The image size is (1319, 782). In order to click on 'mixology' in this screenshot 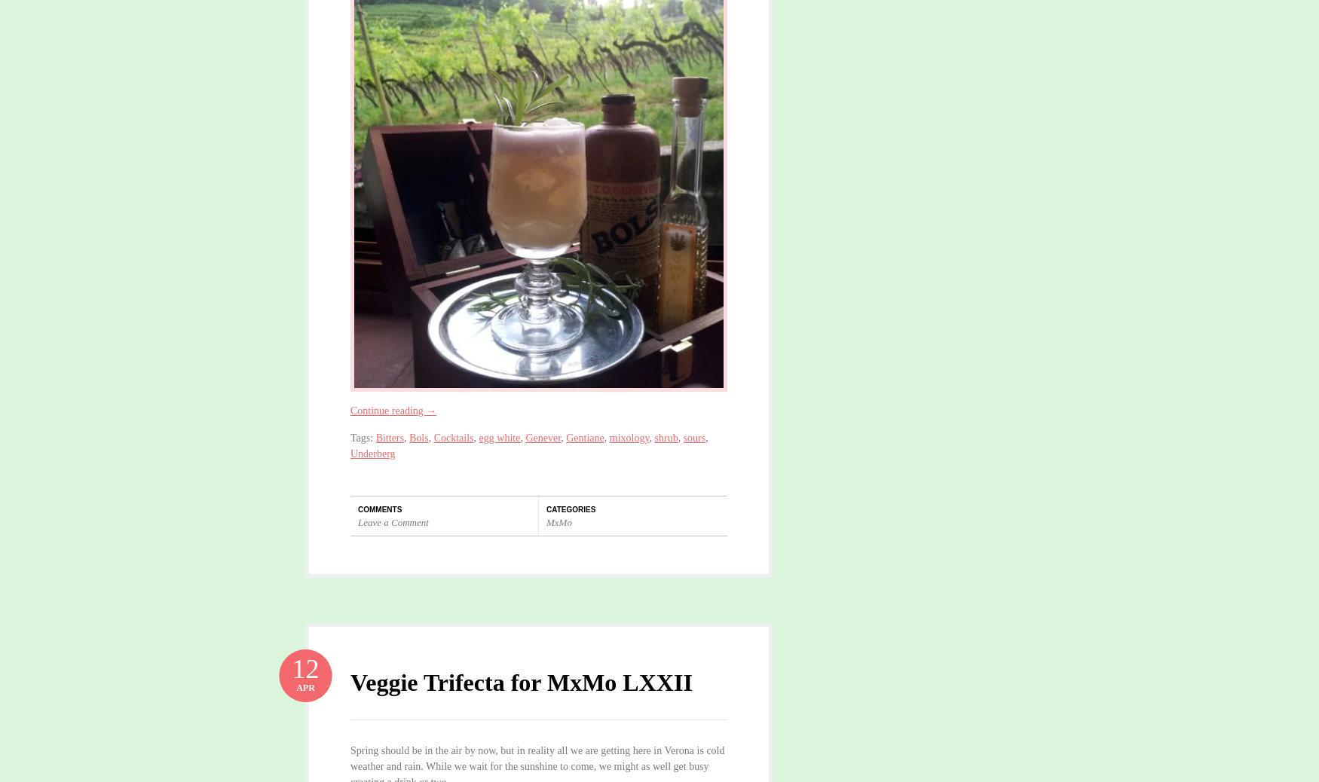, I will do `click(629, 436)`.